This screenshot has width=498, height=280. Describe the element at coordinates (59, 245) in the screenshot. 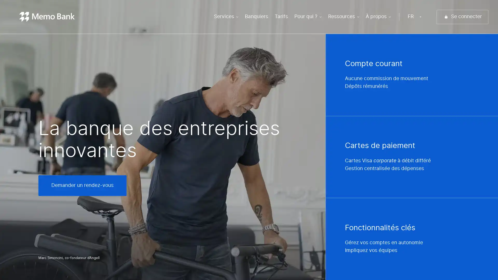

I see `Consentements certifies par` at that location.